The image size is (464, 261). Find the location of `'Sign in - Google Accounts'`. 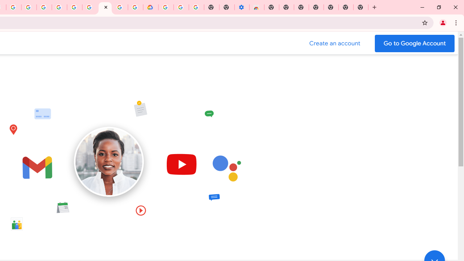

'Sign in - Google Accounts' is located at coordinates (120, 7).